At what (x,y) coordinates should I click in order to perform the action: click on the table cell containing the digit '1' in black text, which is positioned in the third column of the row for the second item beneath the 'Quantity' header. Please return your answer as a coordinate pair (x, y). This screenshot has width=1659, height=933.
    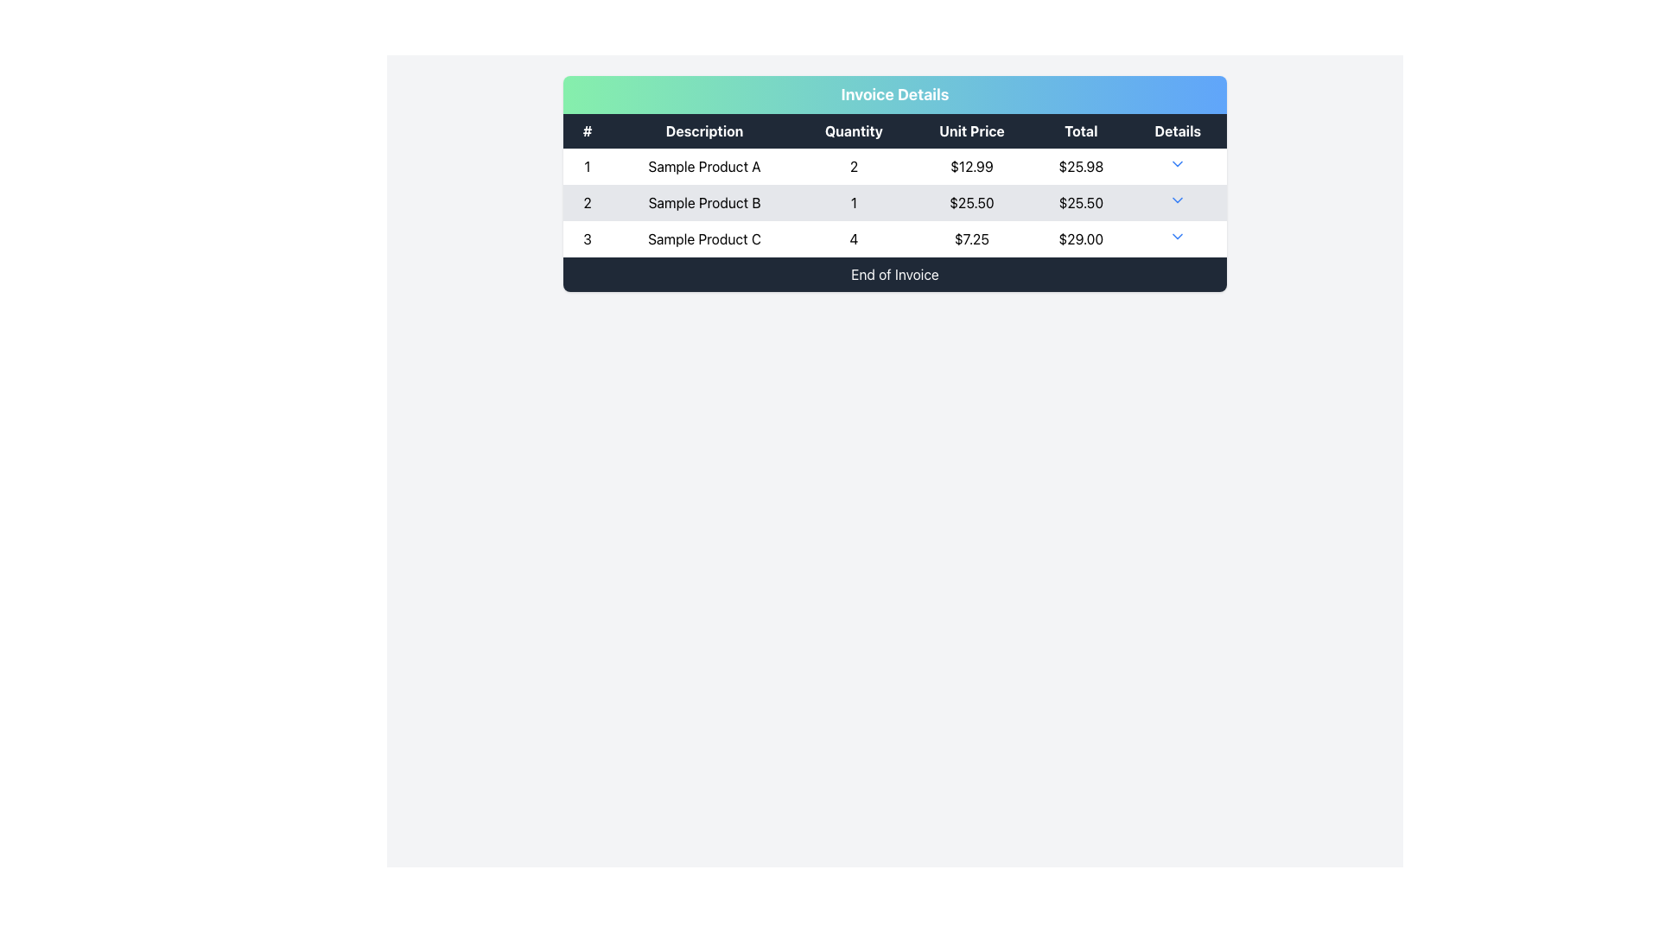
    Looking at the image, I should click on (854, 202).